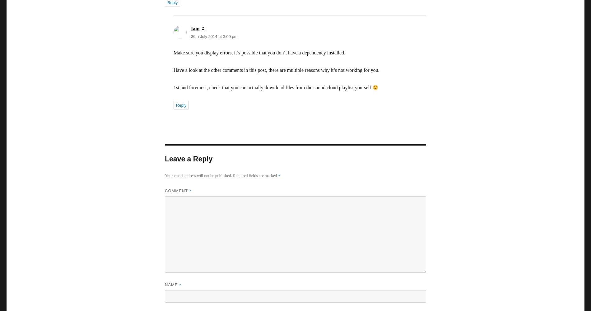  Describe the element at coordinates (172, 285) in the screenshot. I see `'Name'` at that location.